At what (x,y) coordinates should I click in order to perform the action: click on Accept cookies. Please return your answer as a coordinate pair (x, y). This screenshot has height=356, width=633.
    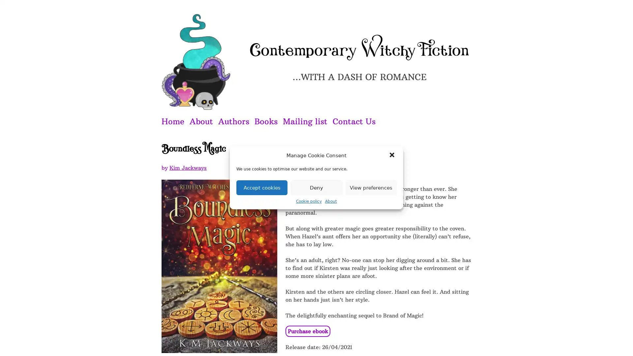
    Looking at the image, I should click on (261, 188).